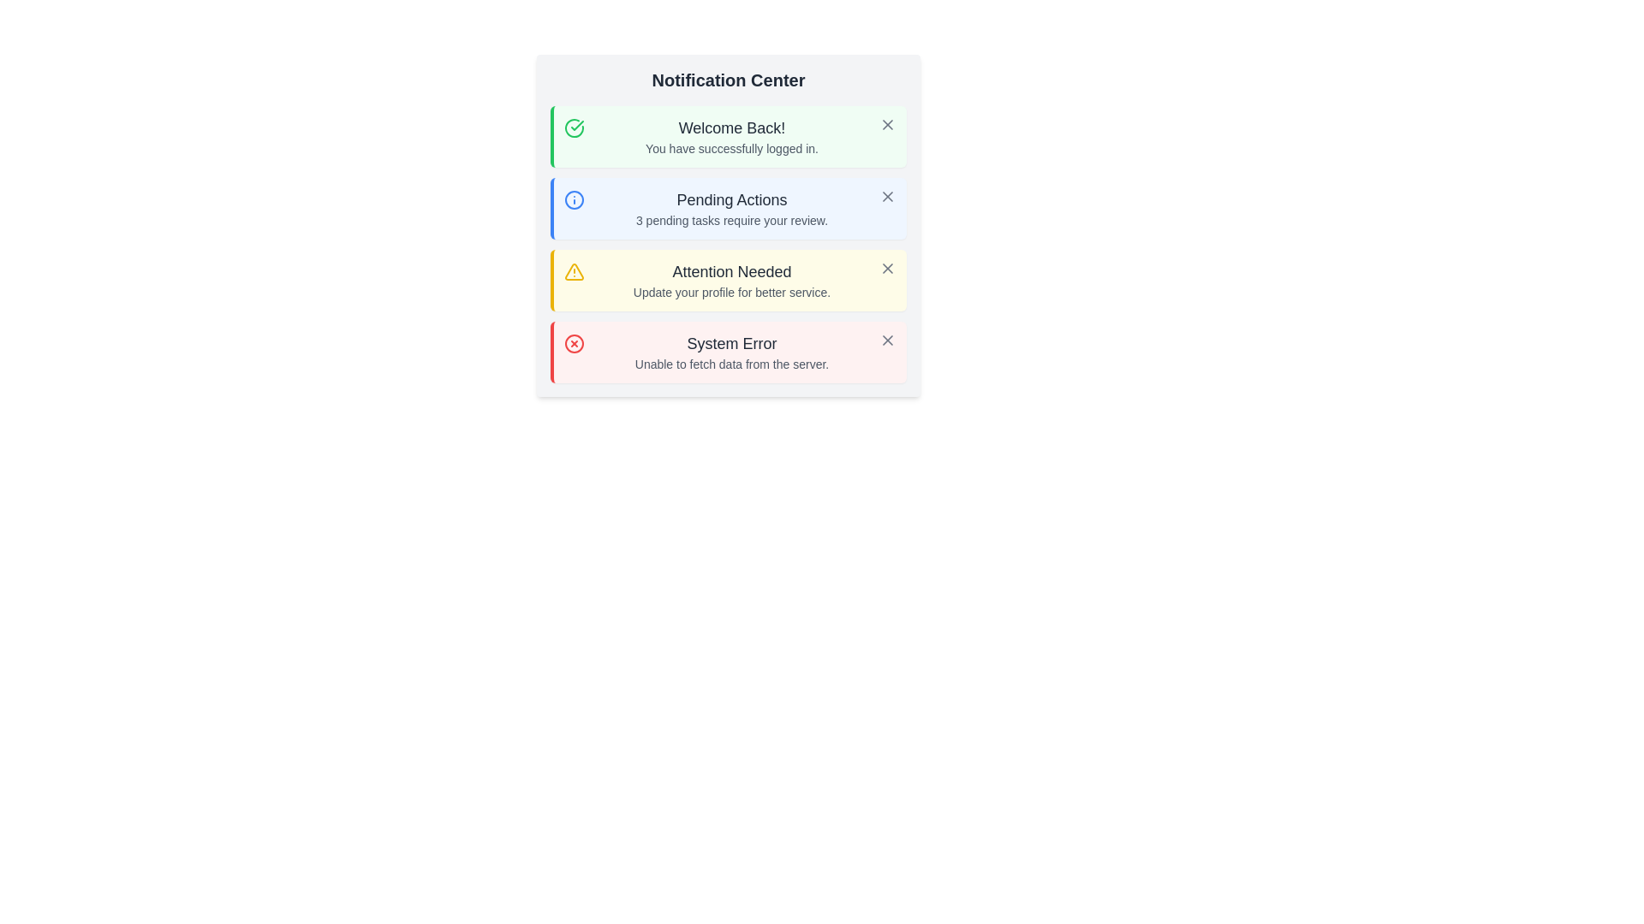 The image size is (1644, 924). Describe the element at coordinates (728, 224) in the screenshot. I see `the notification card in the second row of the 'Notification Center'` at that location.